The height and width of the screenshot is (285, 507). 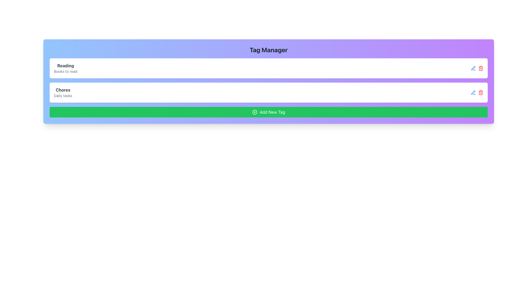 I want to click on the green rectangular button labeled 'Add New Tag' with a circular plus icon on the left, so click(x=269, y=112).